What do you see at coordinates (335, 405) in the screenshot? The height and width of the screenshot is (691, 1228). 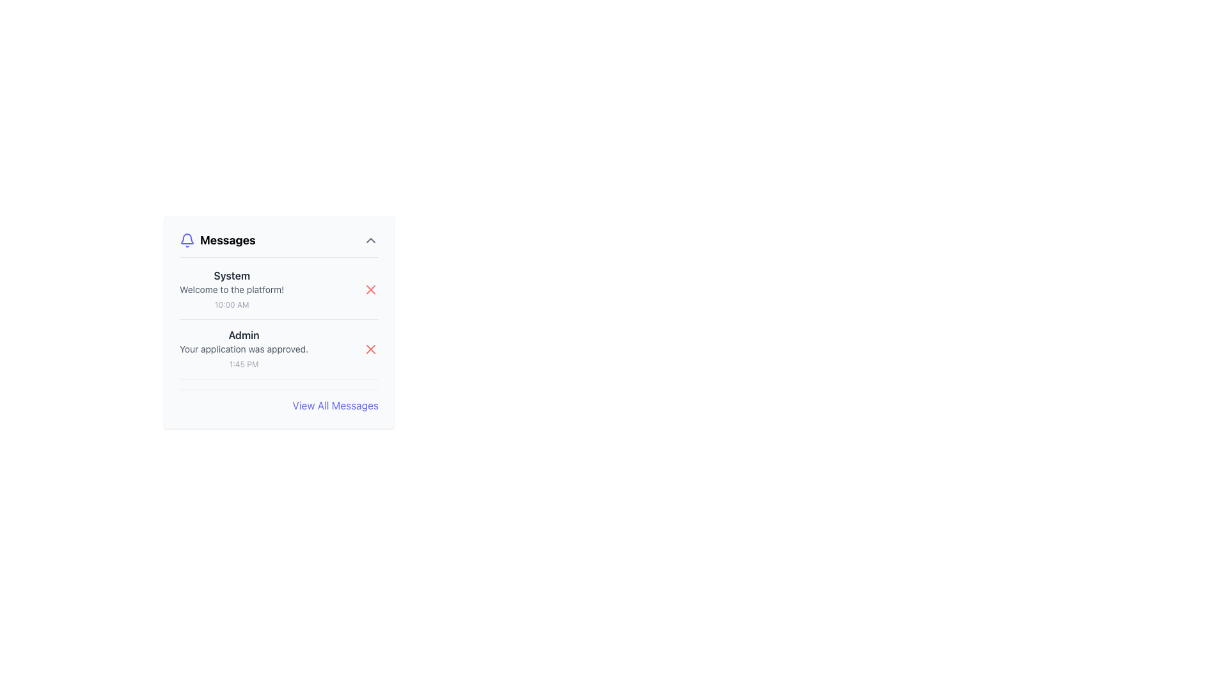 I see `the hyperlink in the bottom-right corner of the 'Messages' card to trigger hover effects` at bounding box center [335, 405].